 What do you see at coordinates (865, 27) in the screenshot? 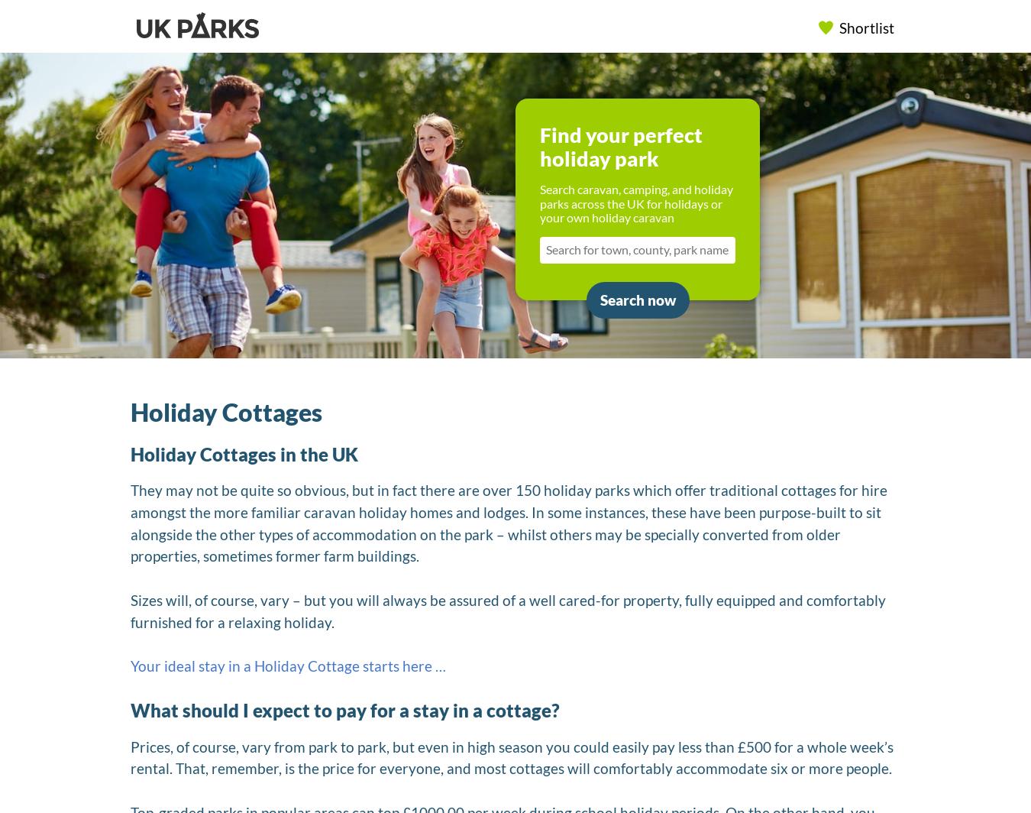
I see `'Shortlist'` at bounding box center [865, 27].